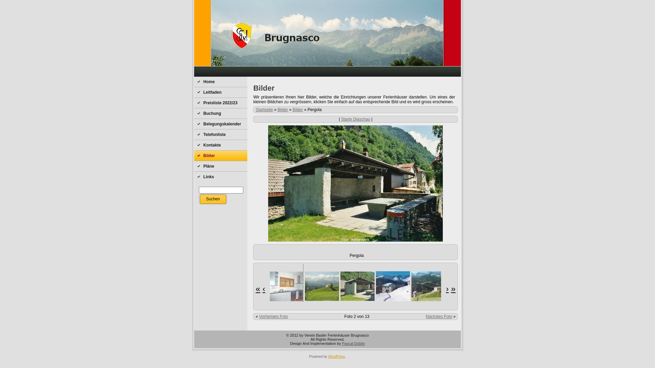  I want to click on 'Leitfaden', so click(194, 92).